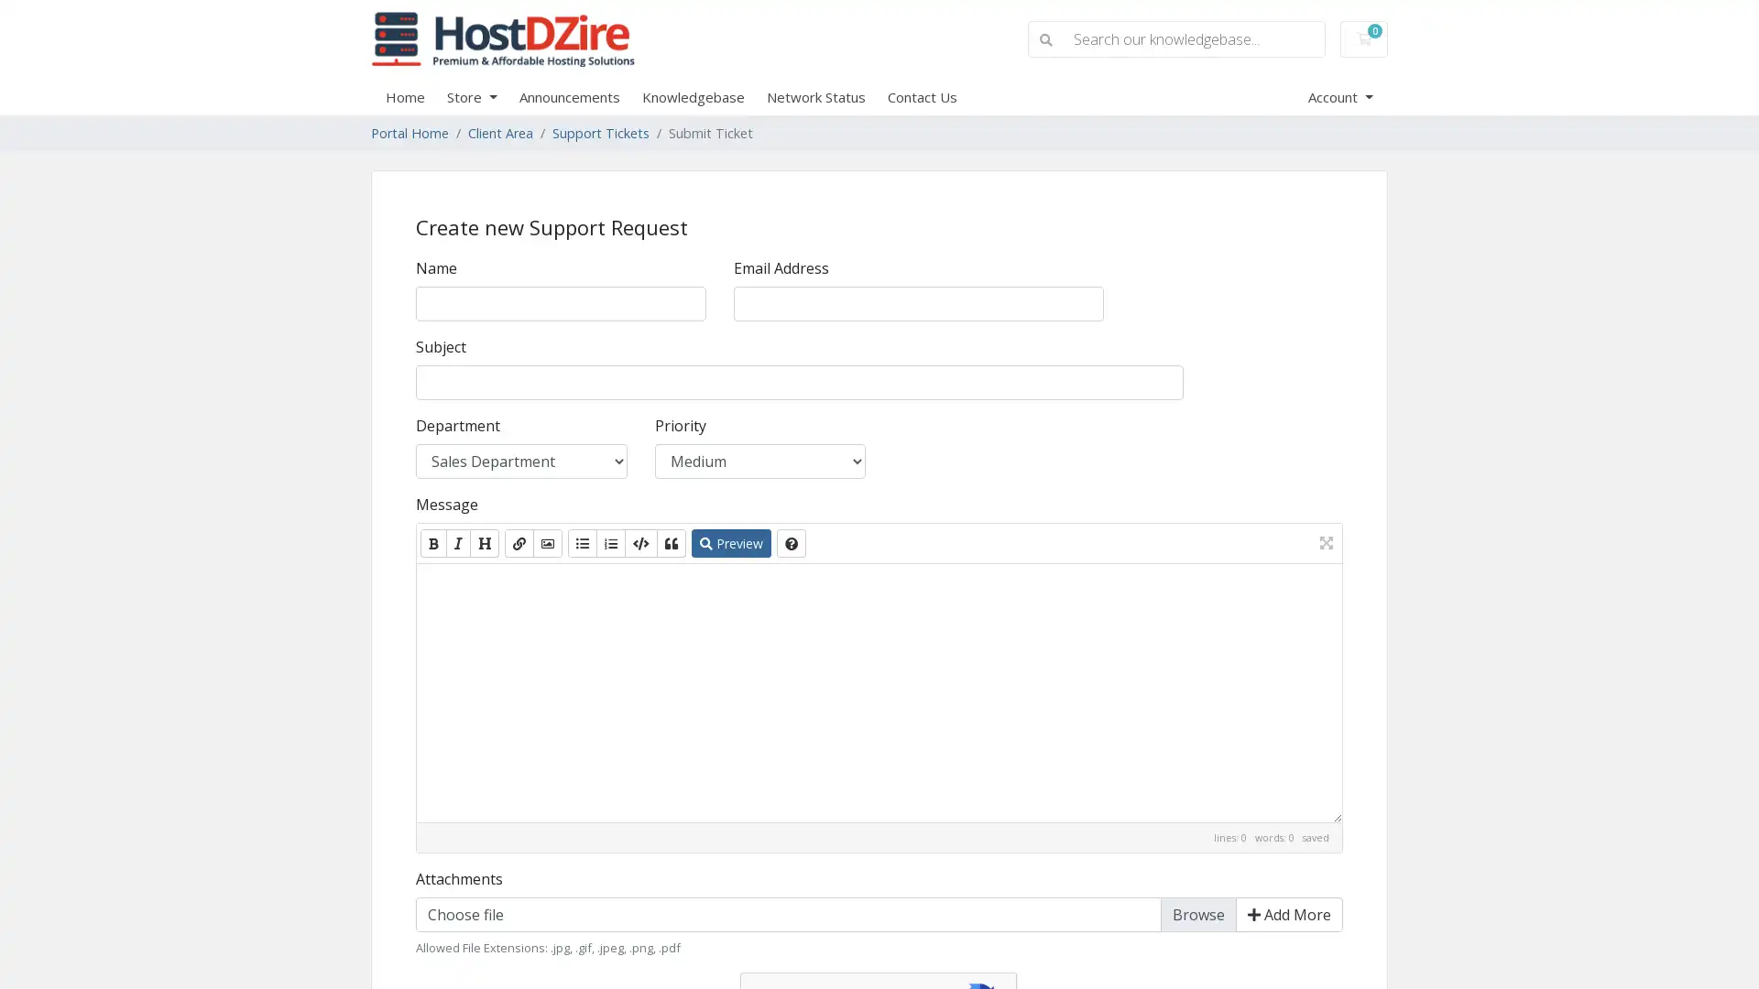 This screenshot has width=1759, height=989. What do you see at coordinates (730, 542) in the screenshot?
I see `Preview` at bounding box center [730, 542].